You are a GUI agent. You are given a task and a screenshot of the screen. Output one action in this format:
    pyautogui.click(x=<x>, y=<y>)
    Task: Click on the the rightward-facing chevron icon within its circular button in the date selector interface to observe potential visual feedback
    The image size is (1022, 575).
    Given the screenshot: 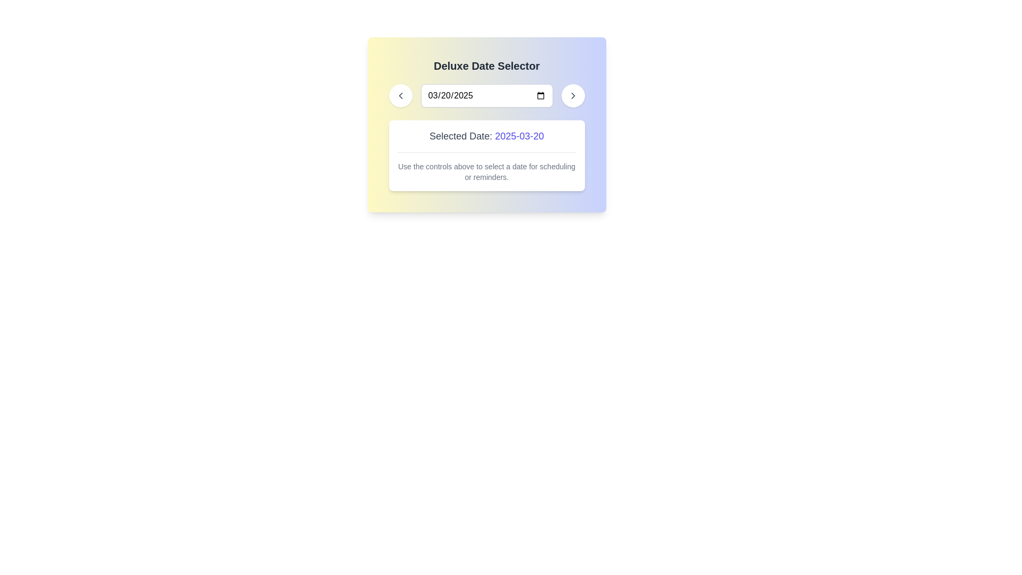 What is the action you would take?
    pyautogui.click(x=572, y=96)
    